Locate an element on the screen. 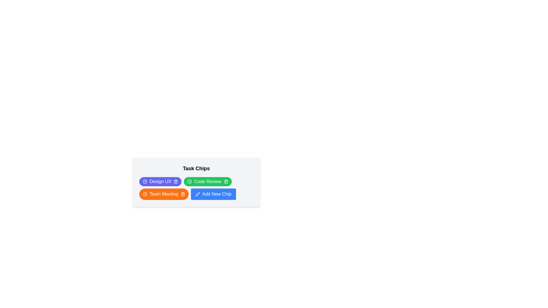 This screenshot has height=308, width=548. text content of the label representing the 'Design UX' task within the badge located in the first row of the task chips section, second from the left is located at coordinates (160, 181).